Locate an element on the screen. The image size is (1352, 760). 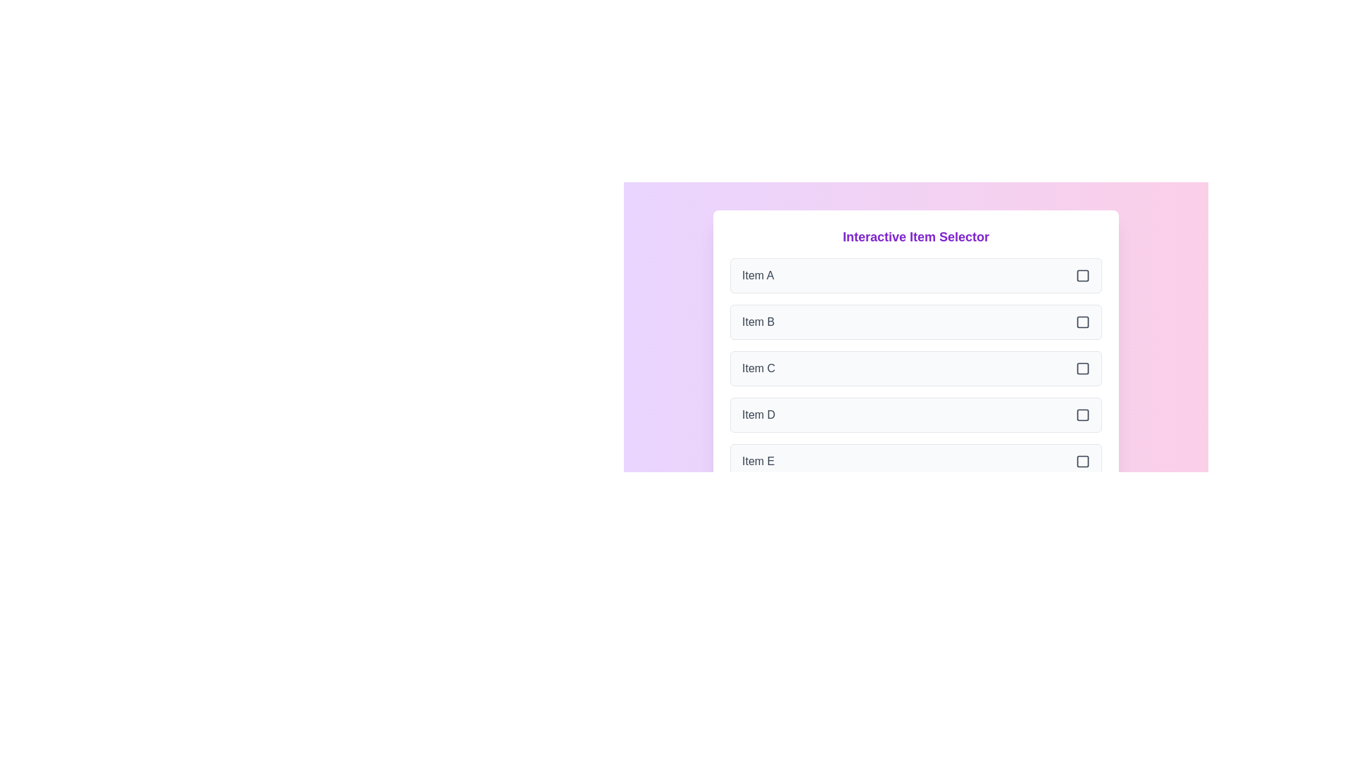
the item Item D to observe its hover effect is located at coordinates (915, 414).